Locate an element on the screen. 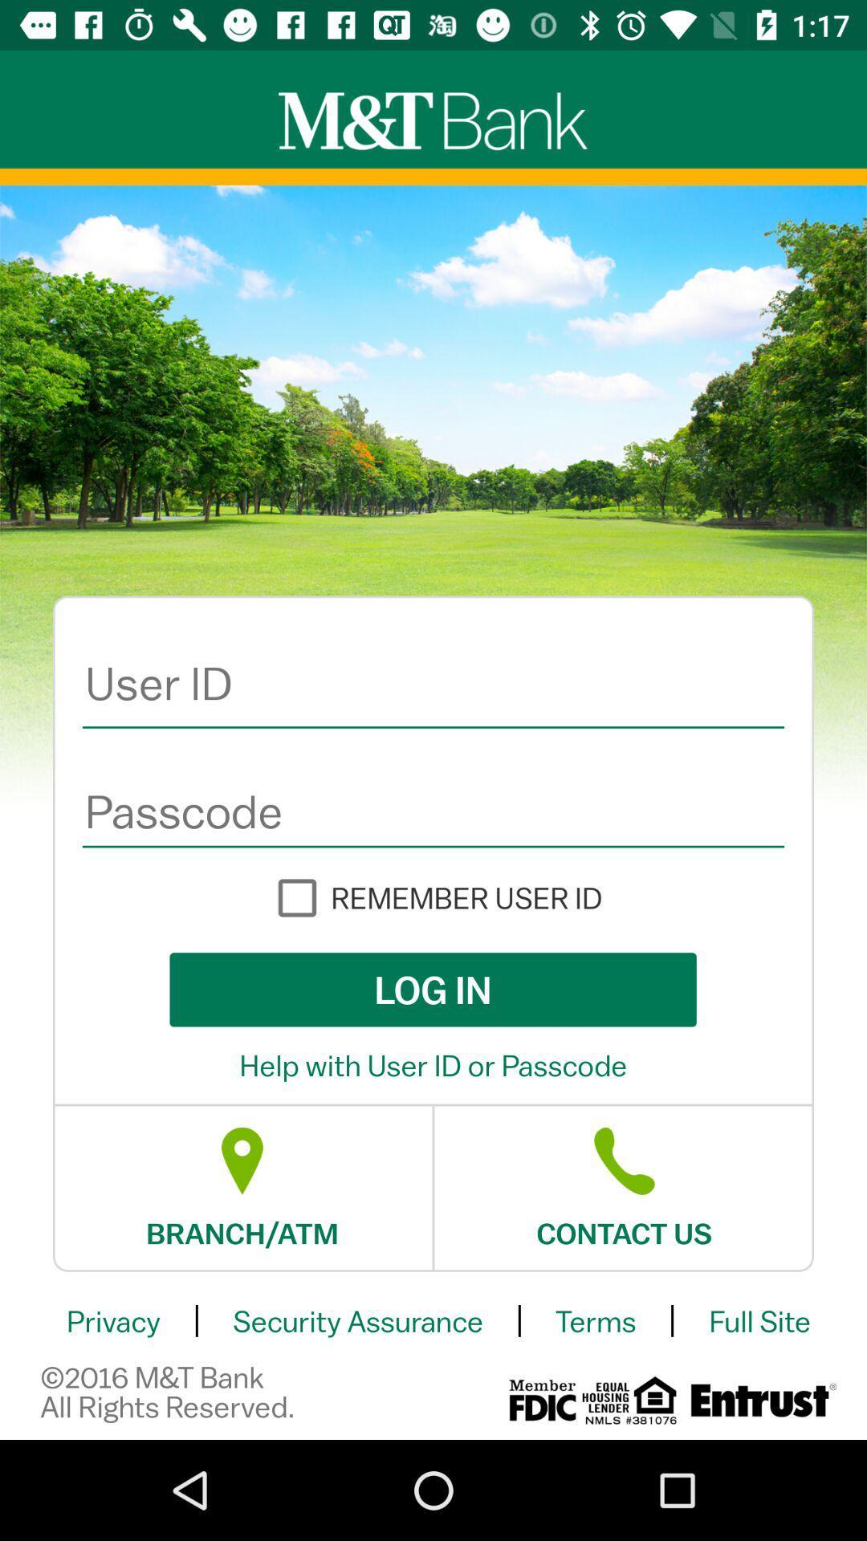 The width and height of the screenshot is (867, 1541). security assurance is located at coordinates (357, 1321).